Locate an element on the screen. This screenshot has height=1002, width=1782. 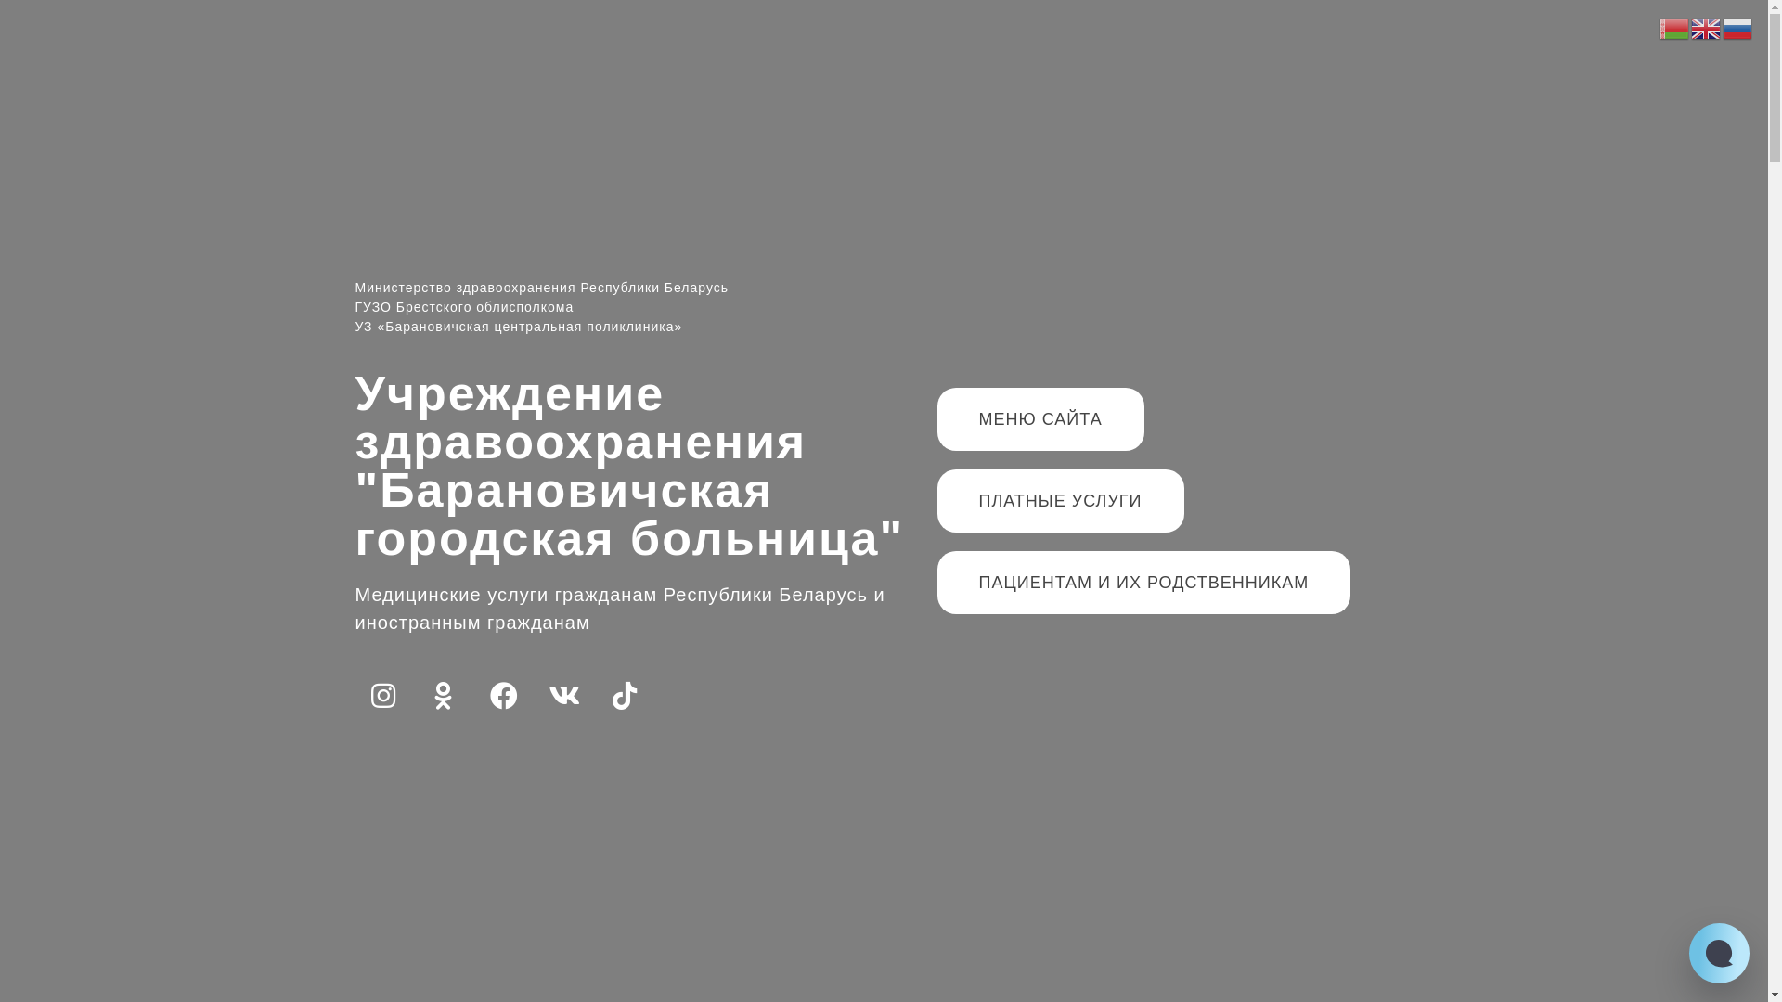
'English' is located at coordinates (1706, 27).